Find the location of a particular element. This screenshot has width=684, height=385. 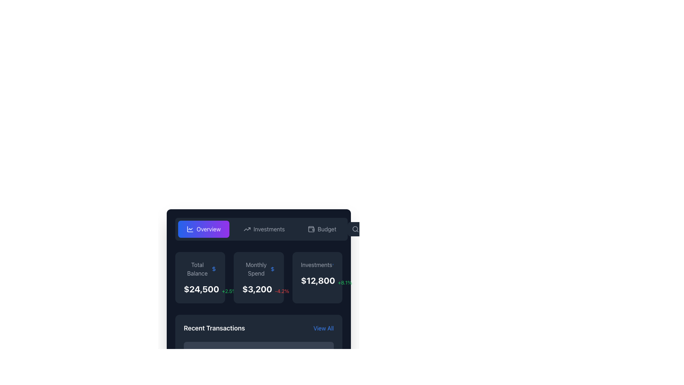

the 'Investments' static label located at the top-right of the interface is located at coordinates (316, 265).